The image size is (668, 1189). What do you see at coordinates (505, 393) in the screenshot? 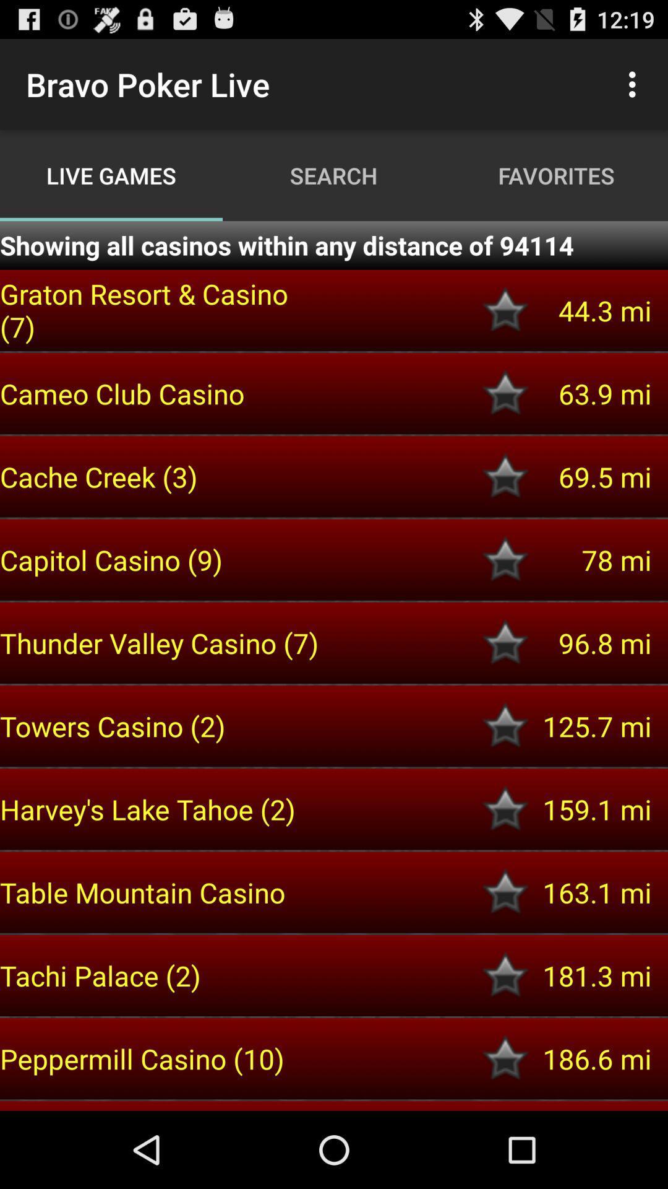
I see `to favorites` at bounding box center [505, 393].